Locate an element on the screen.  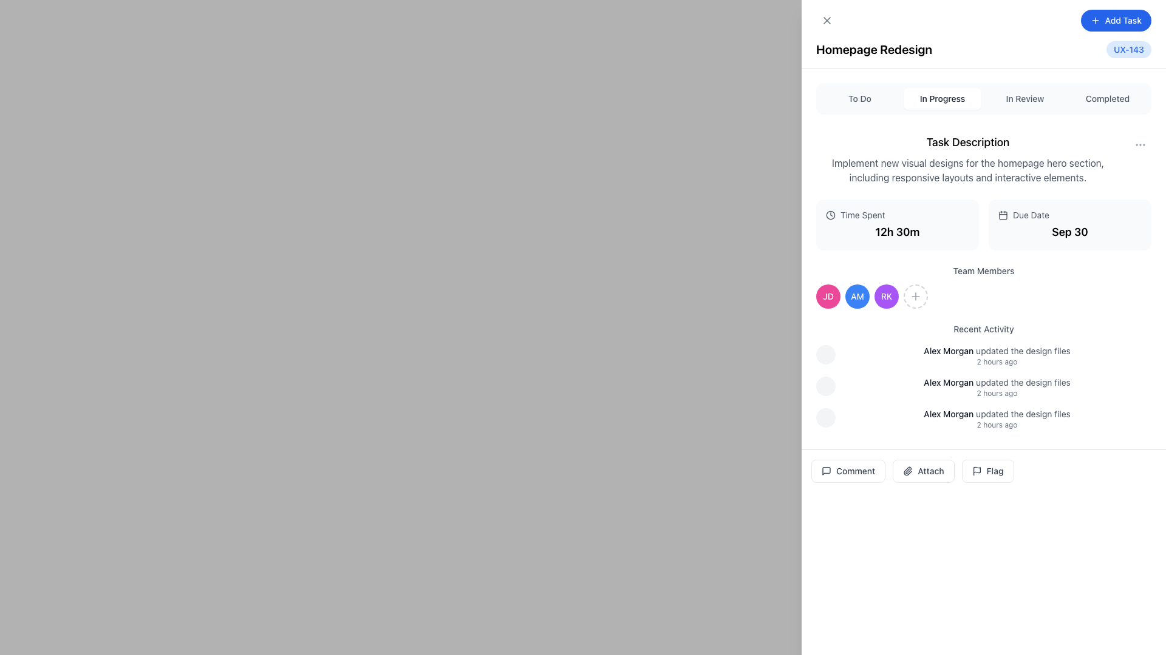
the activity update element displaying 'Alex Morgan updated the design files' with a timestamp of '2 hours ago', which is the first entry in the 'Recent Activity' section is located at coordinates (984, 355).